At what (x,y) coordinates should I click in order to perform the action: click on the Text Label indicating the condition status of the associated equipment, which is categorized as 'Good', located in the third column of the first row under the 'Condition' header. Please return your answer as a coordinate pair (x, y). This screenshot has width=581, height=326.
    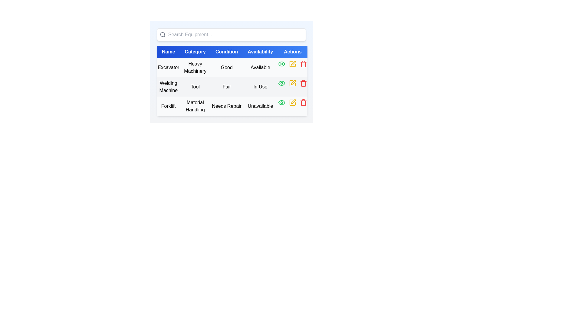
    Looking at the image, I should click on (226, 67).